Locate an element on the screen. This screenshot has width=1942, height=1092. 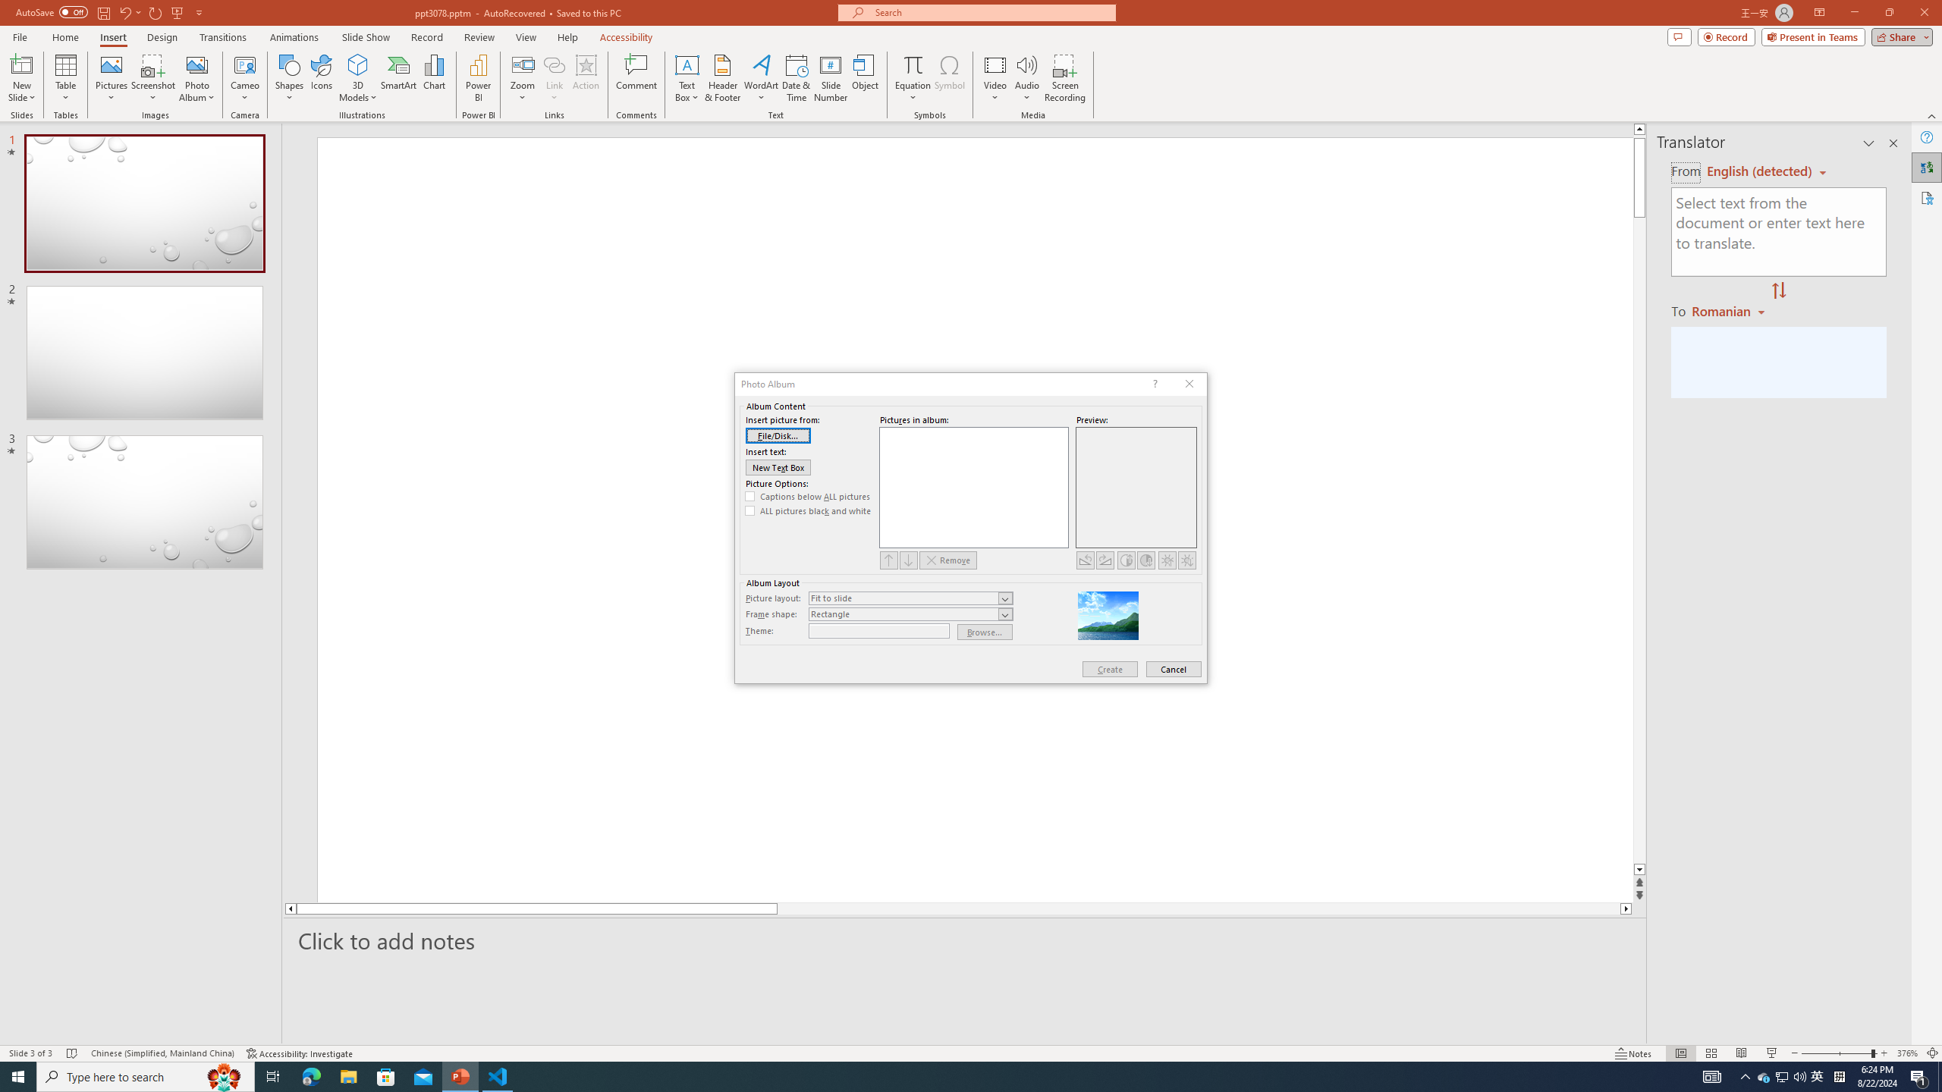
'Frame shape' is located at coordinates (910, 613).